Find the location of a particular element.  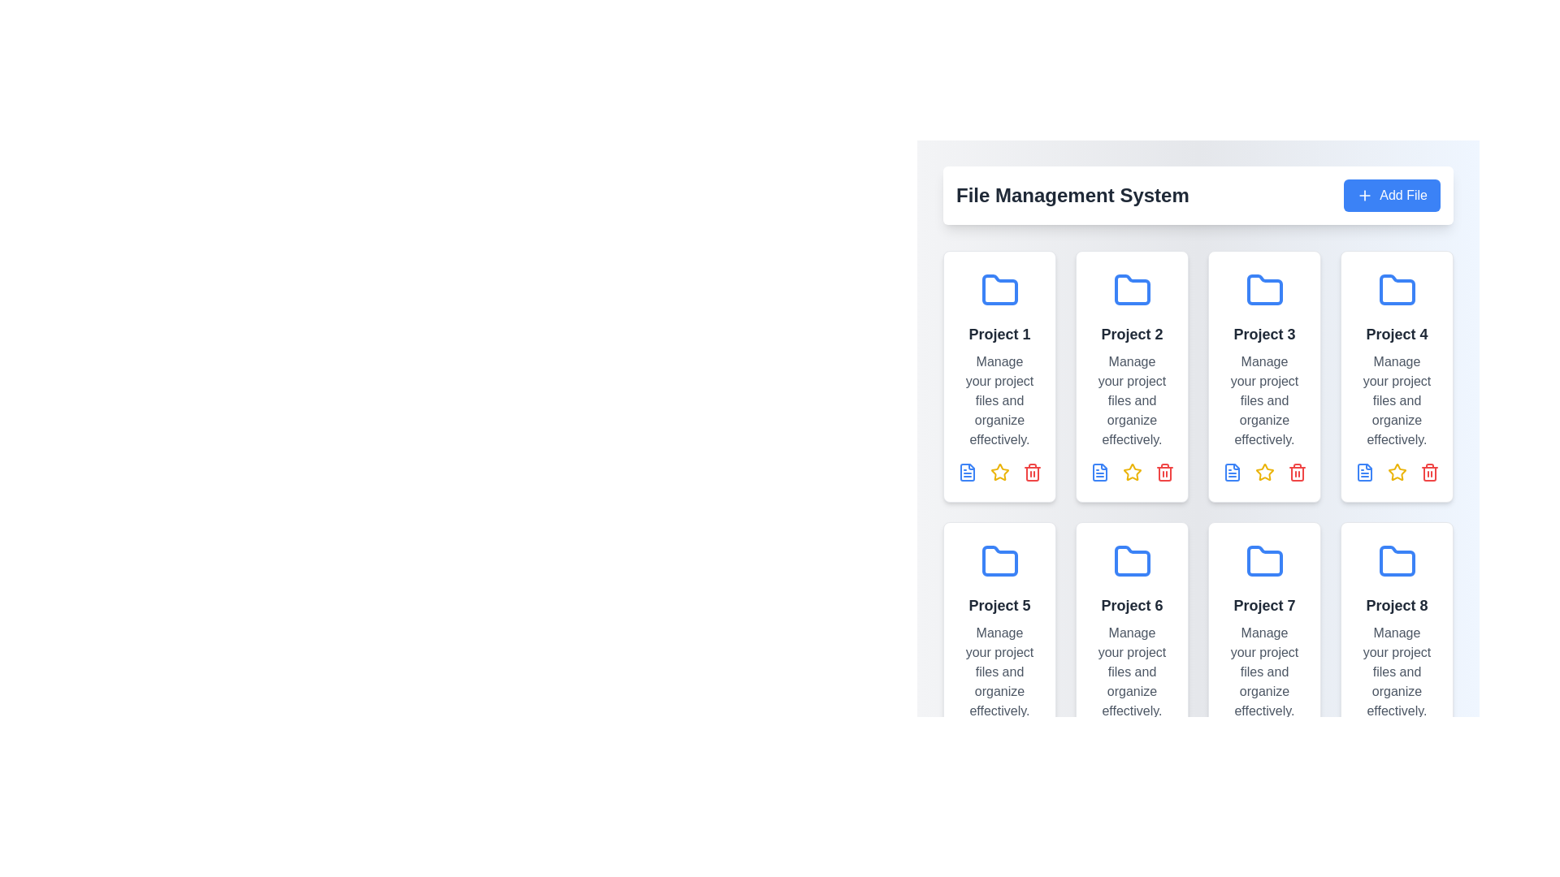

the blue folder icon with a thin white outline located in the 'Project 7' section of the grid layout is located at coordinates (1263, 560).